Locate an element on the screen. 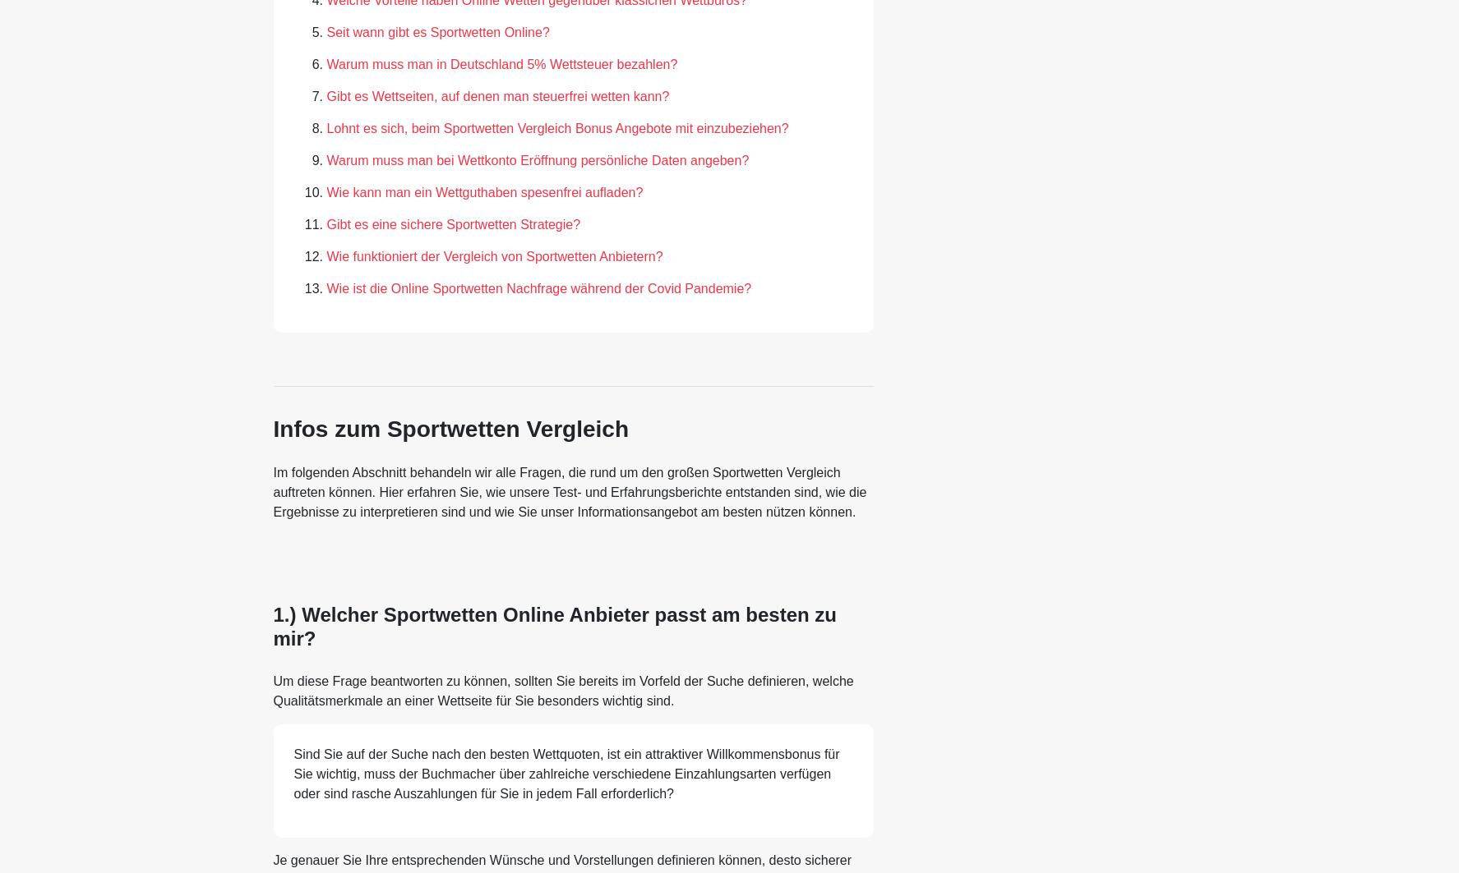 This screenshot has width=1459, height=873. 'Warum muss man in Deutschland 5% Wettsteuer bezahlen?' is located at coordinates (501, 63).